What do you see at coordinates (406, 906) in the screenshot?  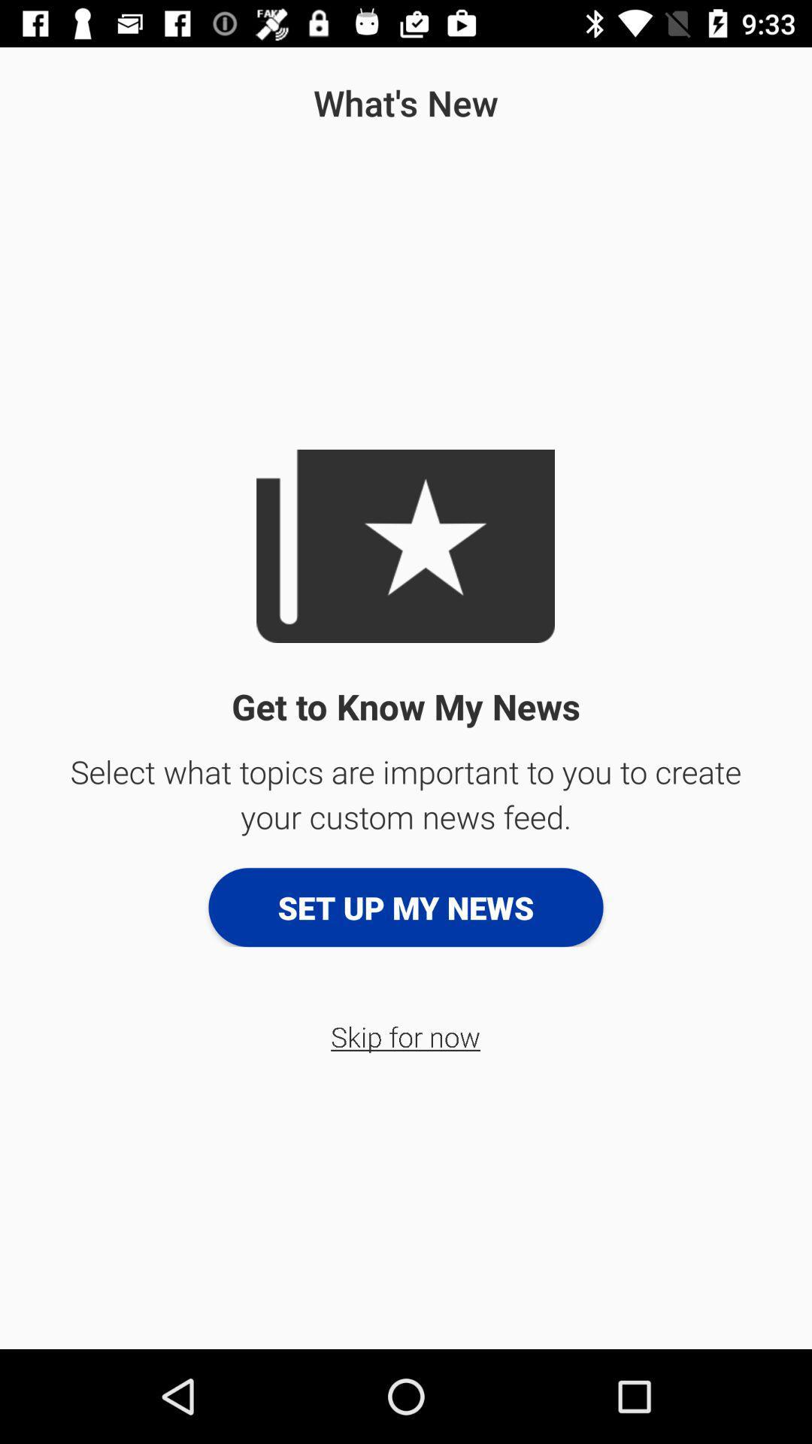 I see `the set up my button` at bounding box center [406, 906].